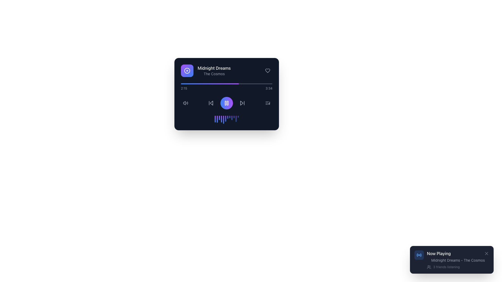  What do you see at coordinates (242, 103) in the screenshot?
I see `the triangular-shaped forward navigation icon to skip forward or start the next item in the media control interface` at bounding box center [242, 103].